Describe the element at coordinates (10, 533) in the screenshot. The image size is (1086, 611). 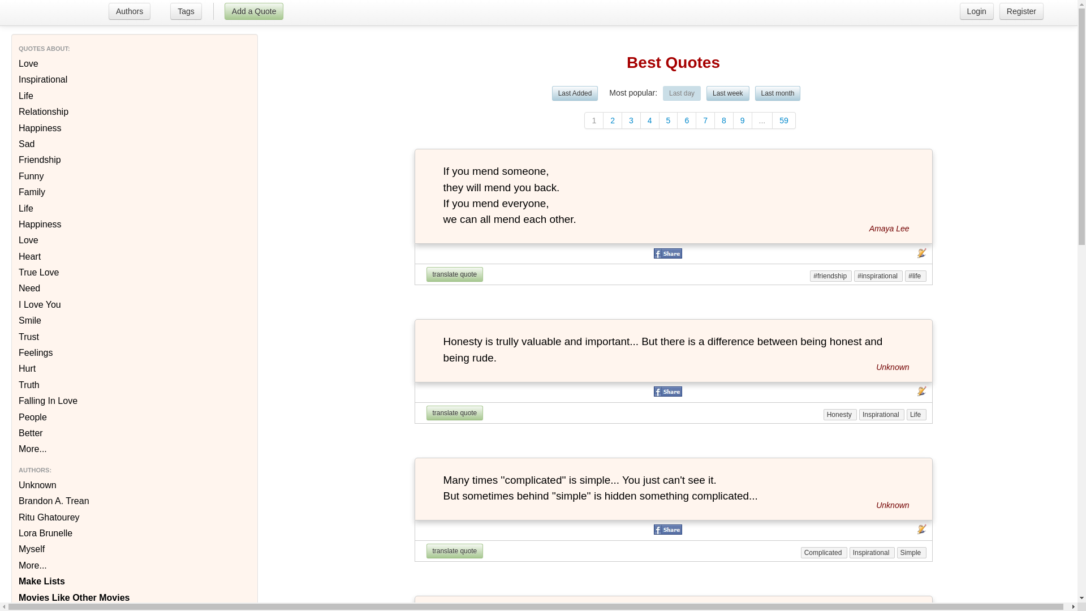
I see `'Lora Brunelle'` at that location.